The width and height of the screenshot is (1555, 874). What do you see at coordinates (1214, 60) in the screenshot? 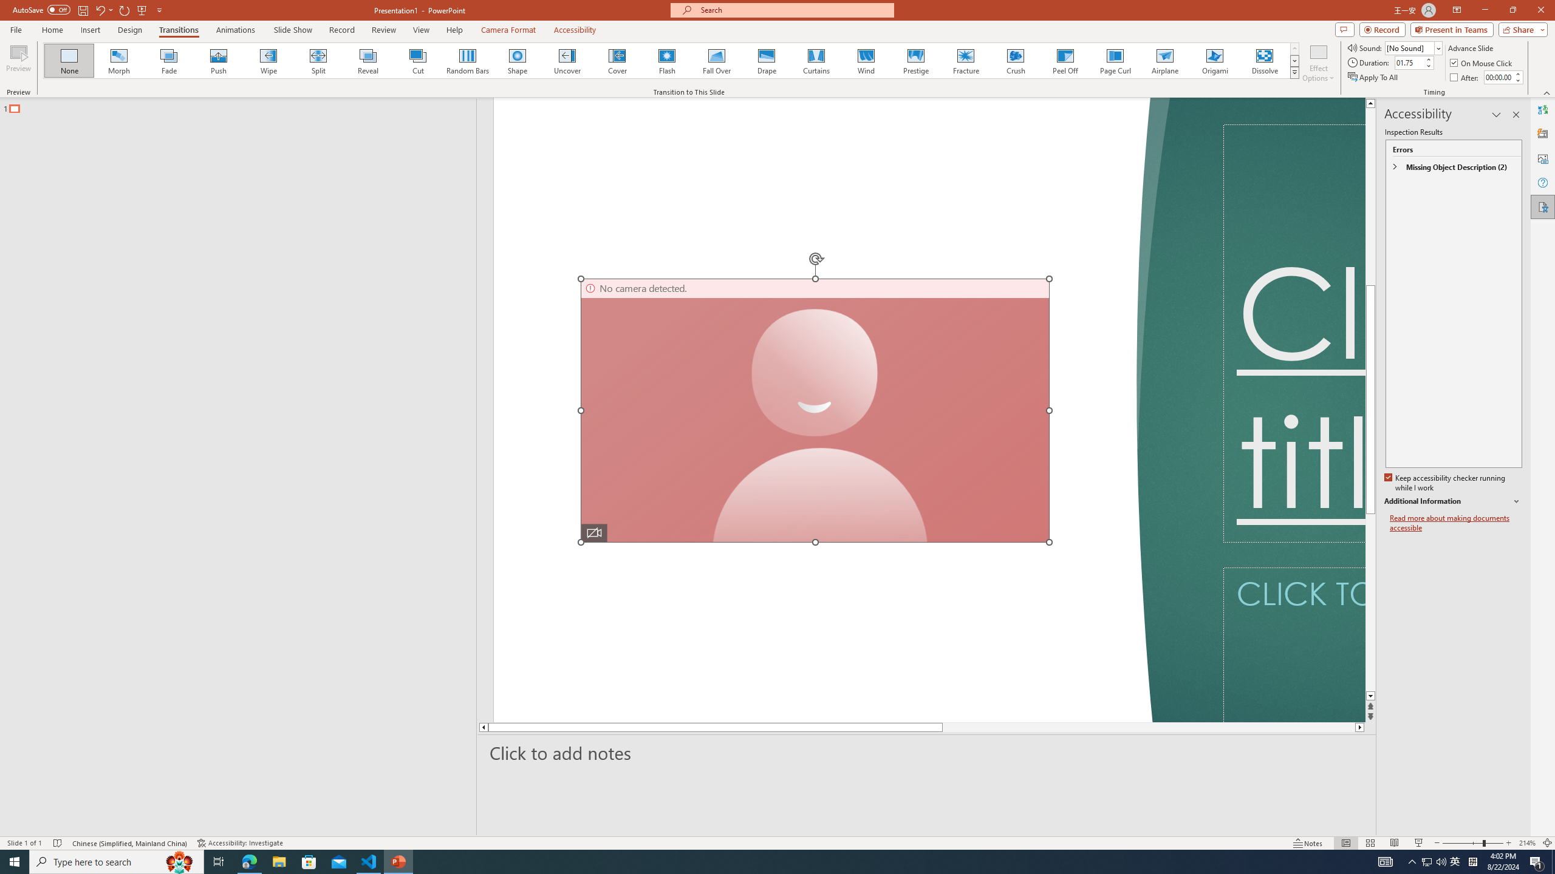
I see `'Origami'` at bounding box center [1214, 60].